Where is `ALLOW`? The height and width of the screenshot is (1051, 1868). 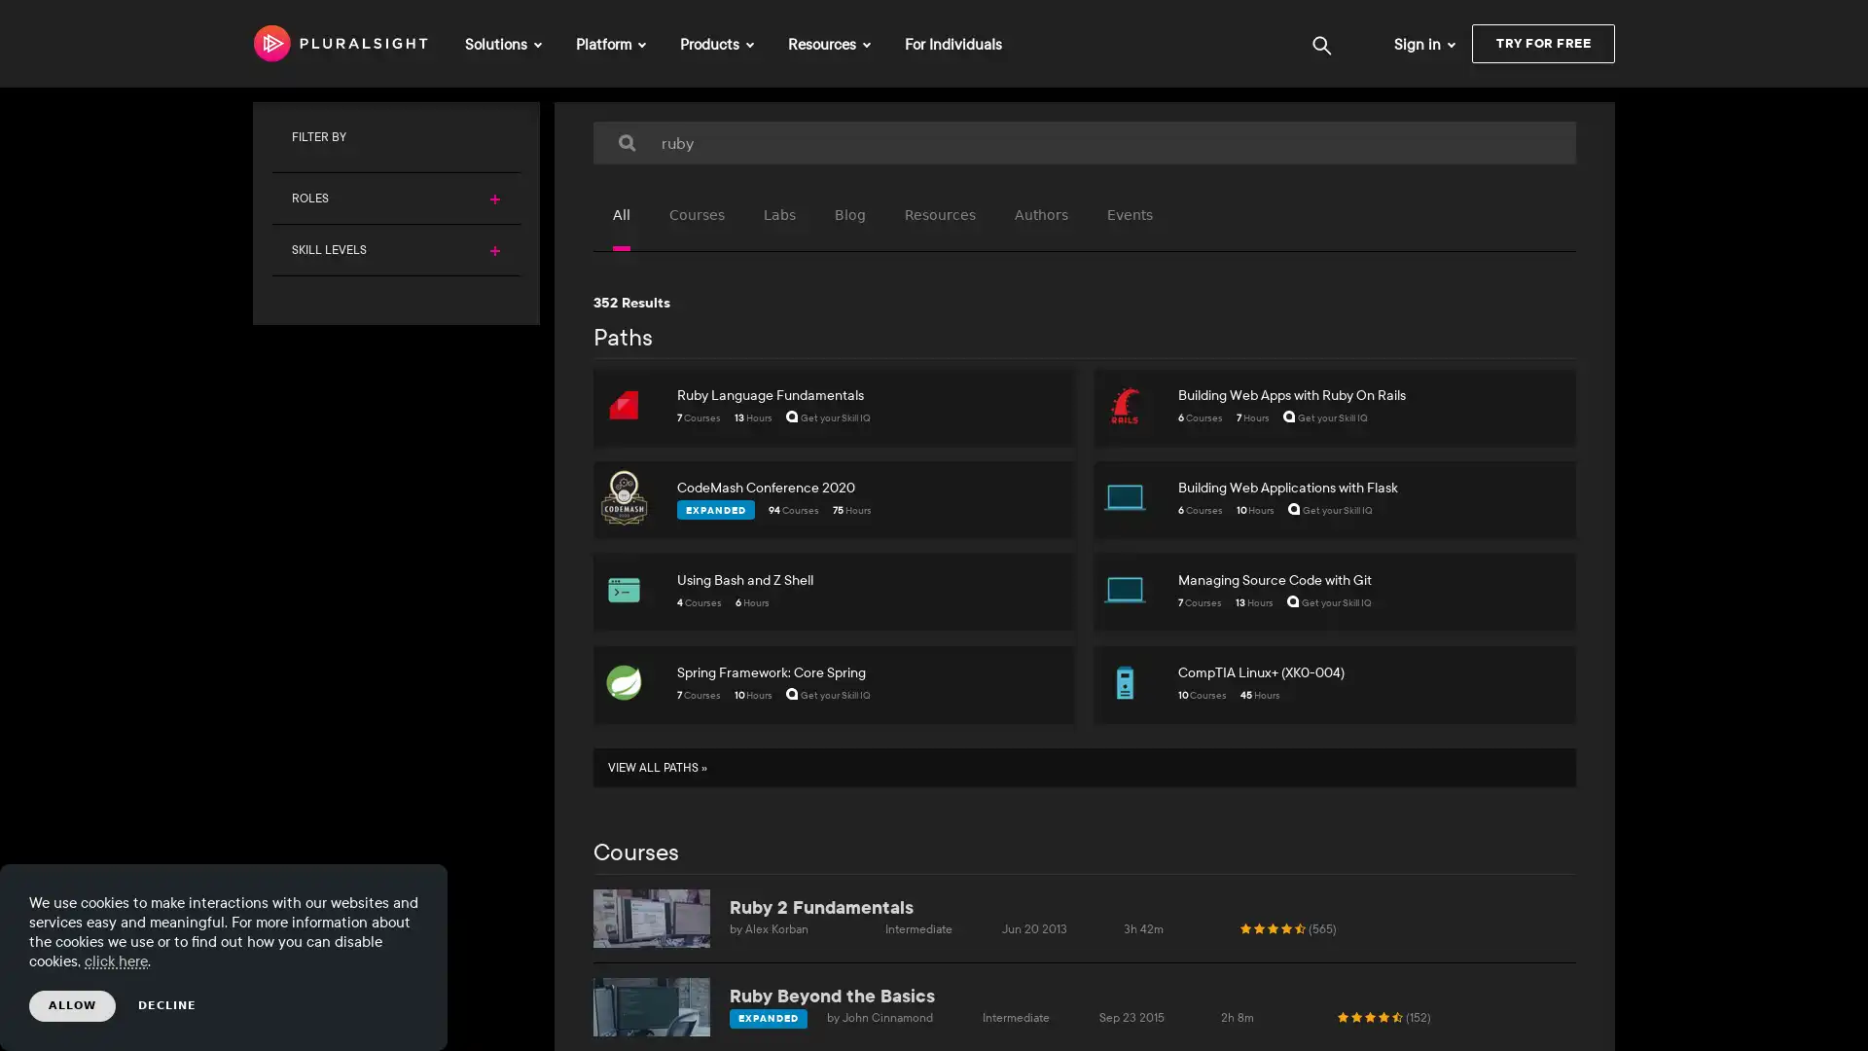
ALLOW is located at coordinates (72, 1005).